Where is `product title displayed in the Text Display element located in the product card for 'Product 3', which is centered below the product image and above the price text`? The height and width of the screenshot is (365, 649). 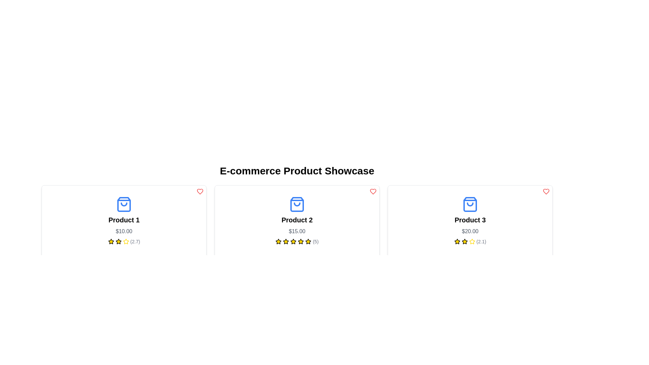 product title displayed in the Text Display element located in the product card for 'Product 3', which is centered below the product image and above the price text is located at coordinates (470, 220).